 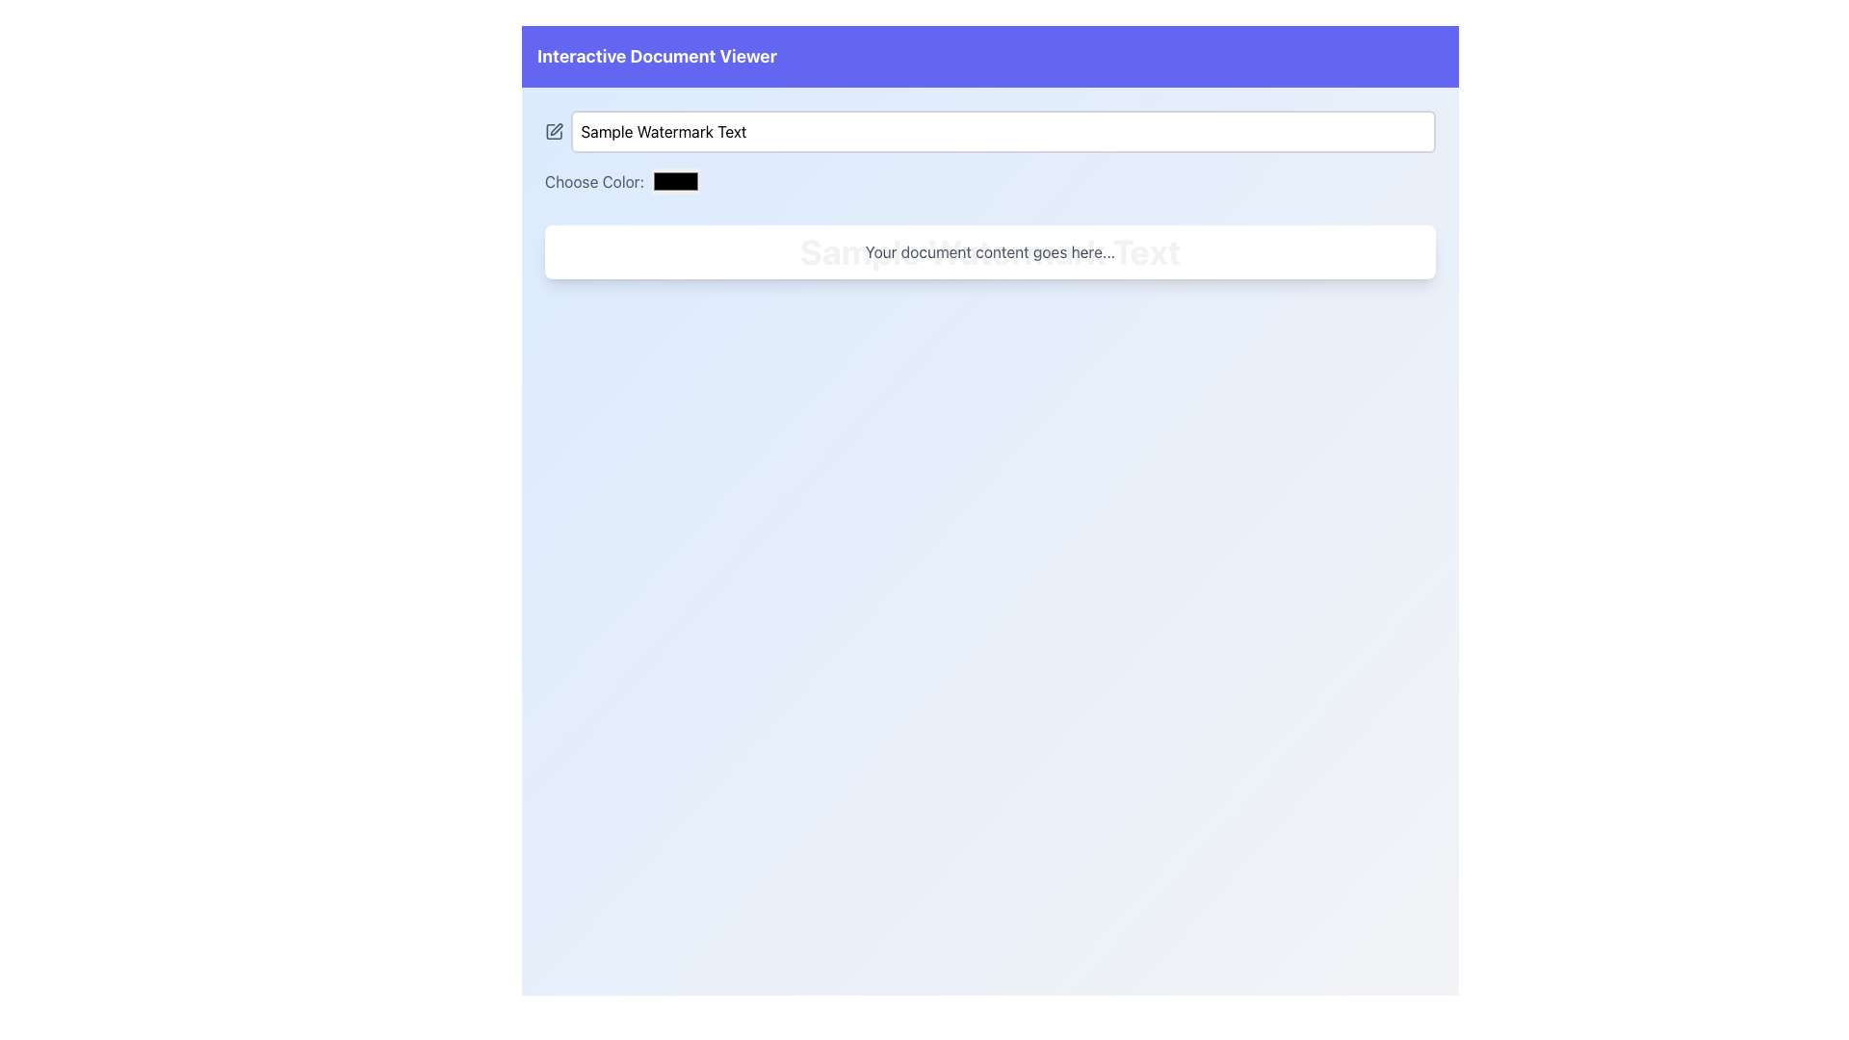 What do you see at coordinates (553, 131) in the screenshot?
I see `the editing or customization icon located on the left side of the input field labeled 'Sample Watermark Text'` at bounding box center [553, 131].